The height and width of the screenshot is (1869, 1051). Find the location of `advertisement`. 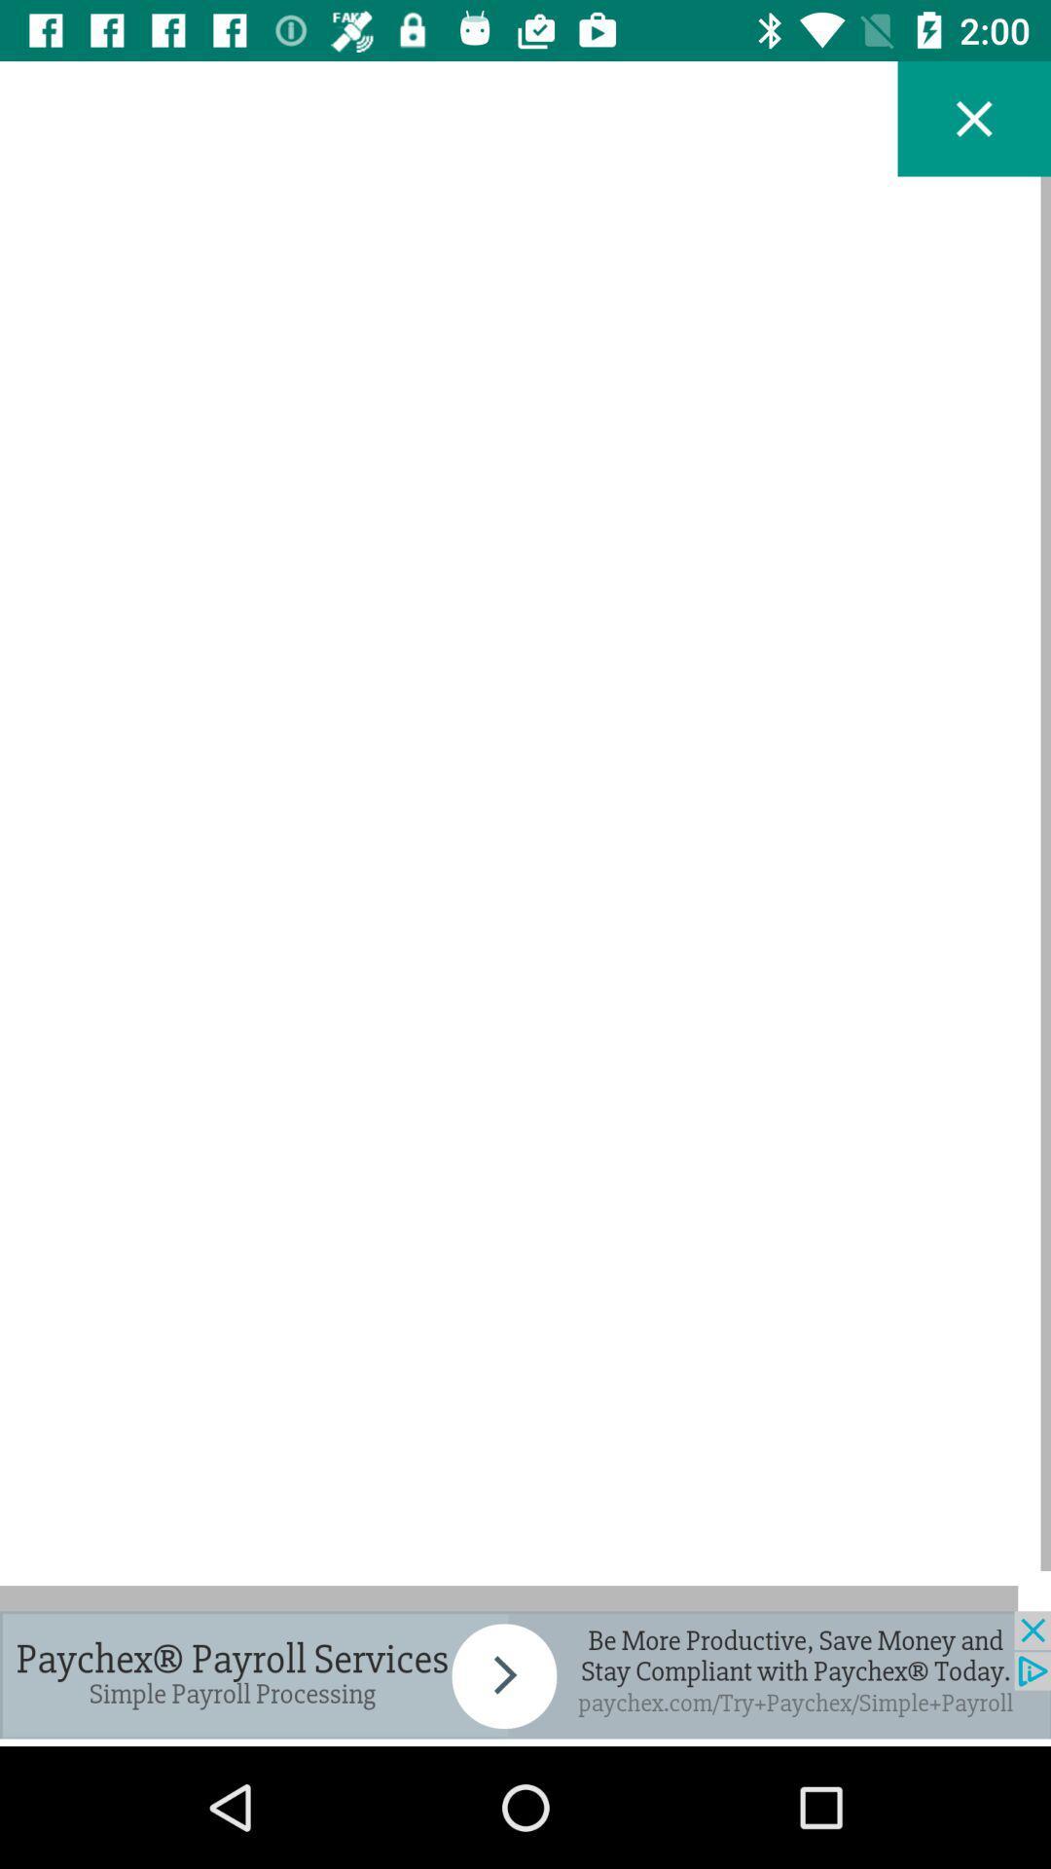

advertisement is located at coordinates (525, 1673).